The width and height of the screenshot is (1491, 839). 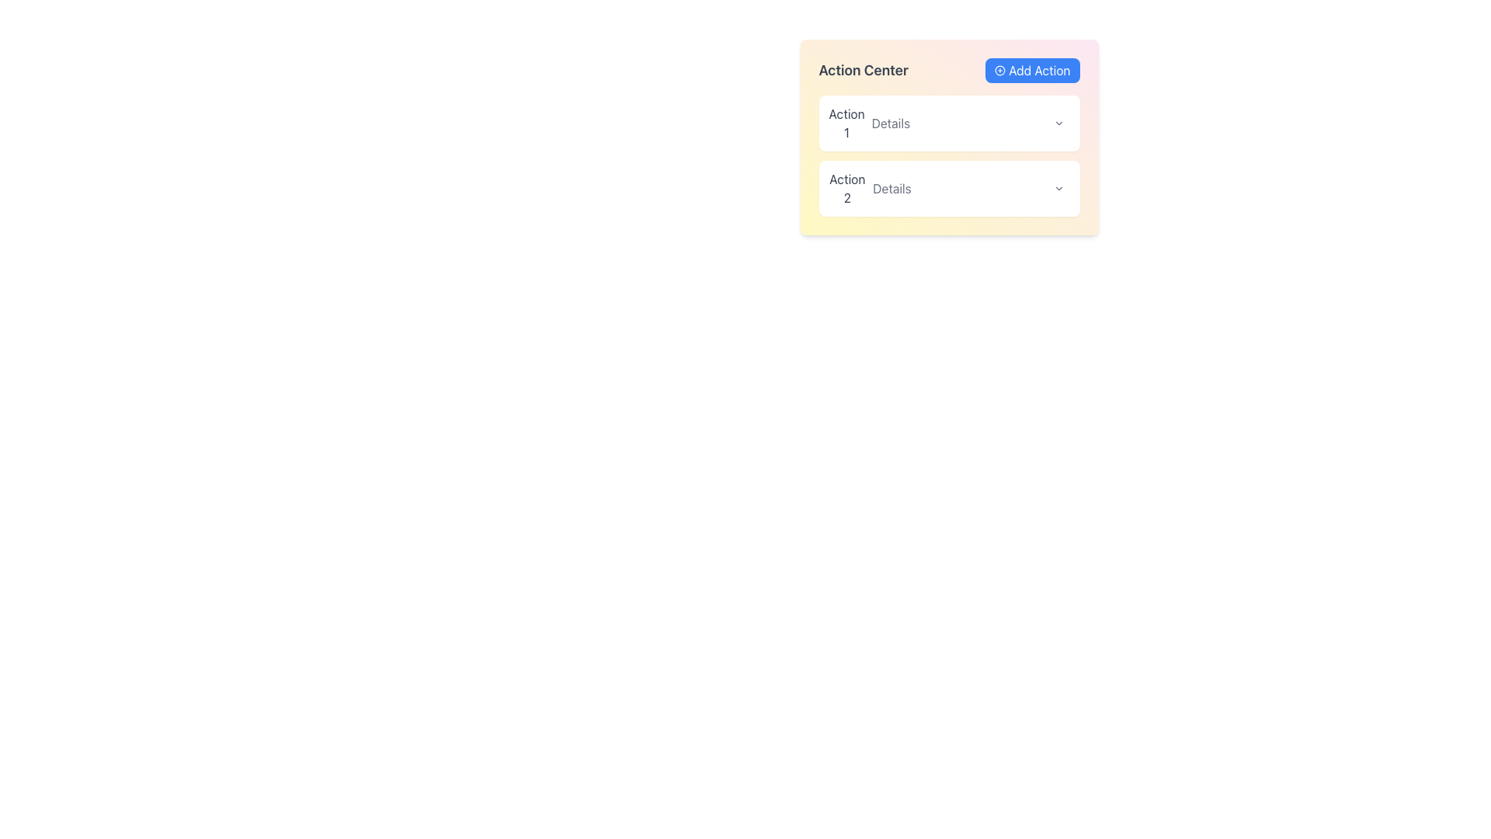 I want to click on the 'Add Action' button, so click(x=1032, y=71).